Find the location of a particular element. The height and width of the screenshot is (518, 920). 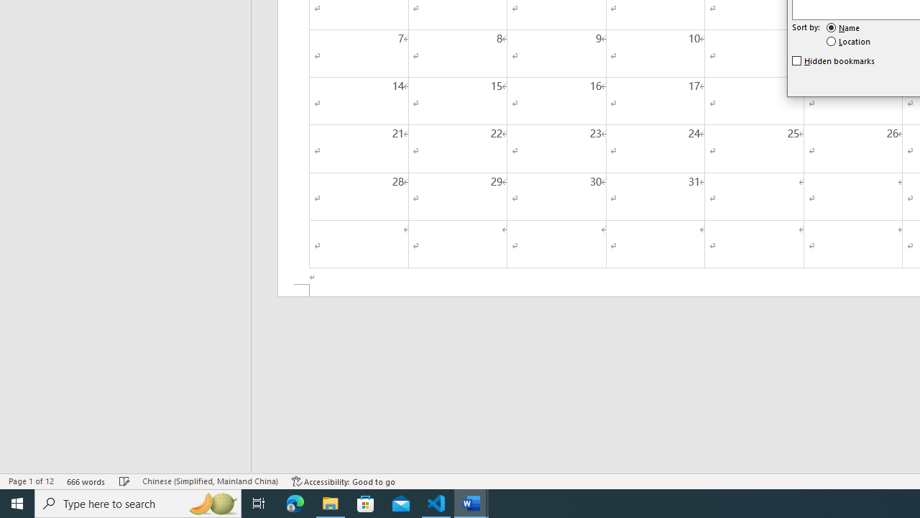

'Task View' is located at coordinates (258, 502).